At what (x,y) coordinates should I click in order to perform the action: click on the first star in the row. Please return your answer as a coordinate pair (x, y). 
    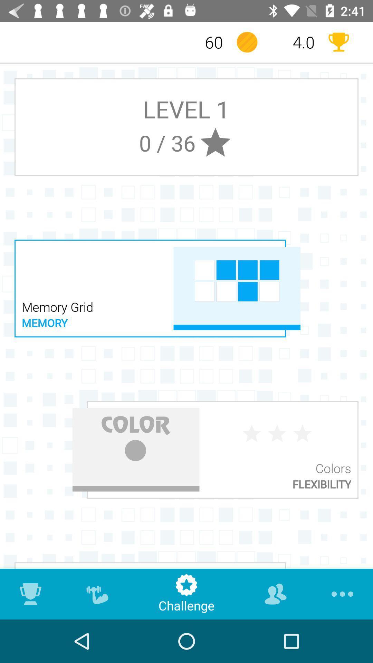
    Looking at the image, I should click on (252, 433).